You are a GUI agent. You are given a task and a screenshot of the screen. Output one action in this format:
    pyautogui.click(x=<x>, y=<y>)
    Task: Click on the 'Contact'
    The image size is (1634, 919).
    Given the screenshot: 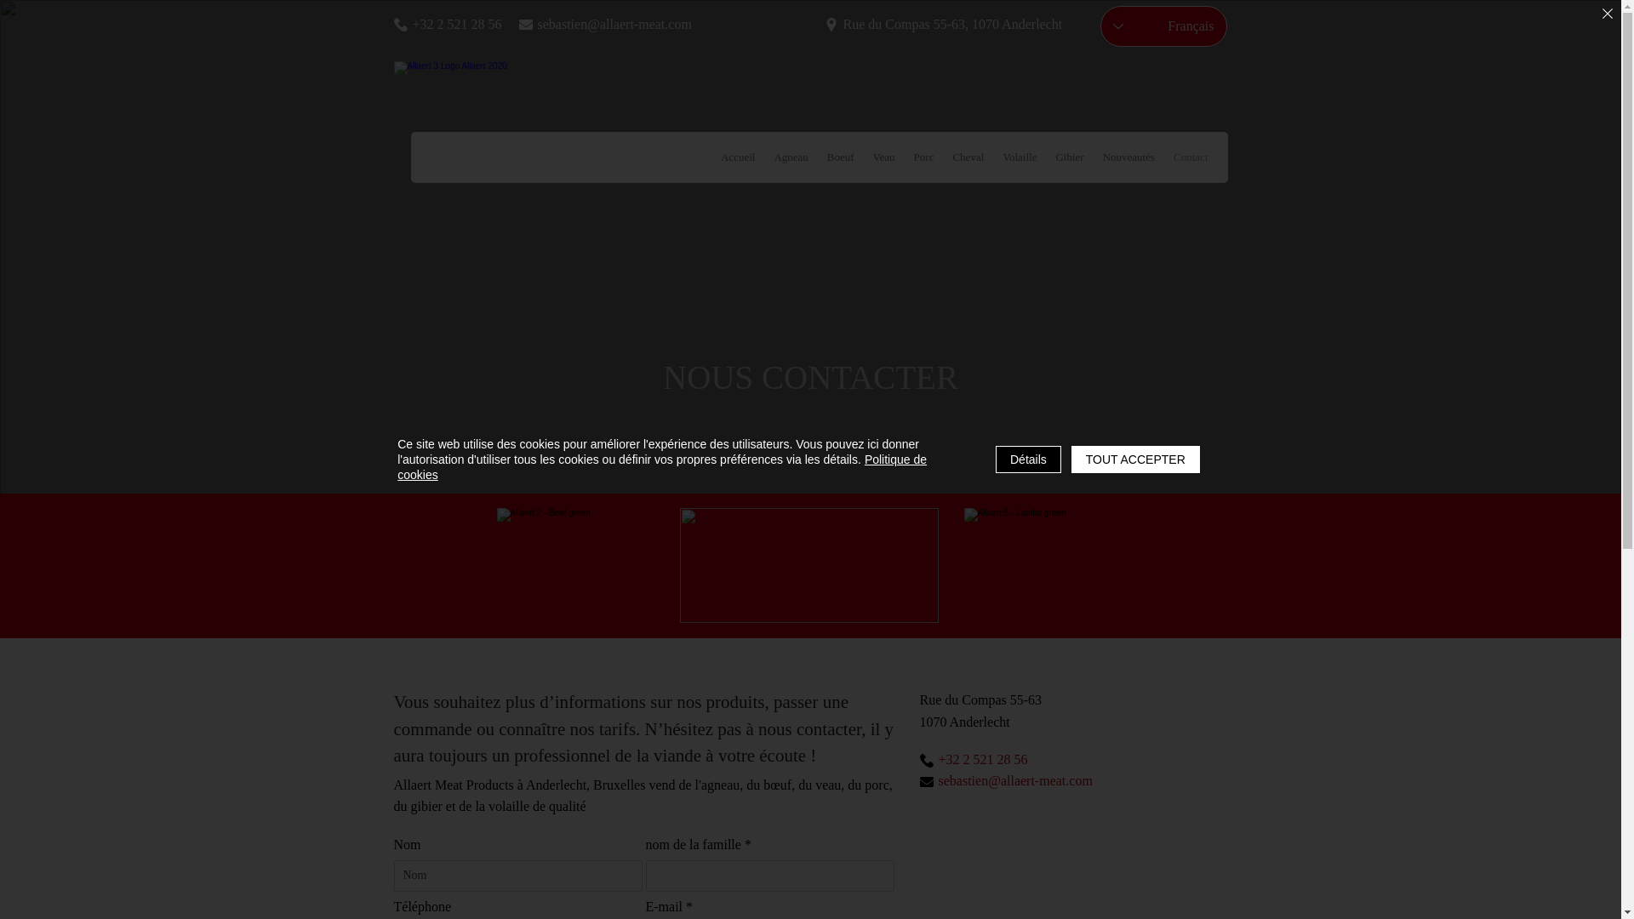 What is the action you would take?
    pyautogui.click(x=1189, y=157)
    